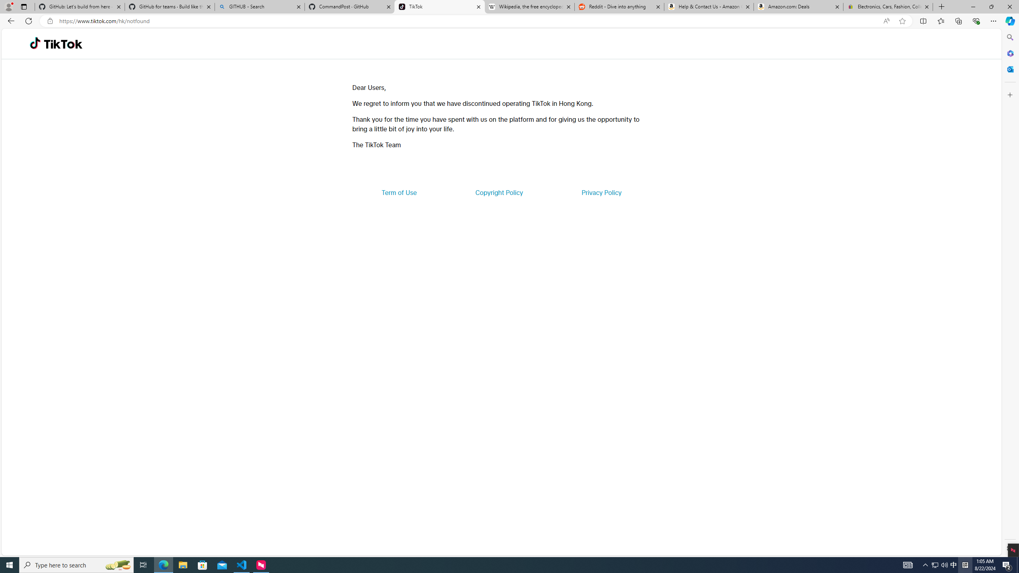 The width and height of the screenshot is (1019, 573). I want to click on 'Privacy Policy', so click(601, 192).